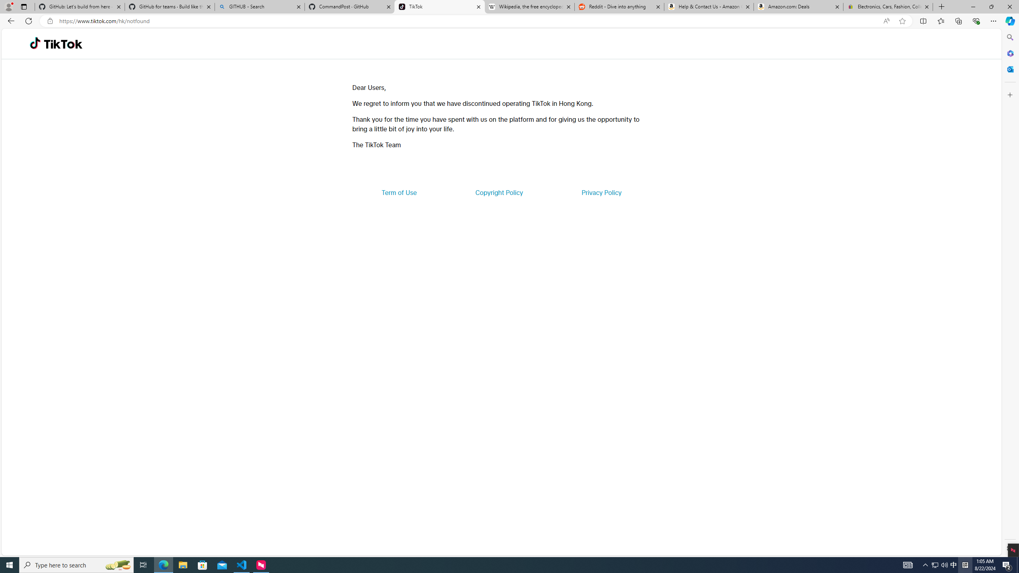 The width and height of the screenshot is (1019, 573). I want to click on 'Privacy Policy', so click(601, 192).